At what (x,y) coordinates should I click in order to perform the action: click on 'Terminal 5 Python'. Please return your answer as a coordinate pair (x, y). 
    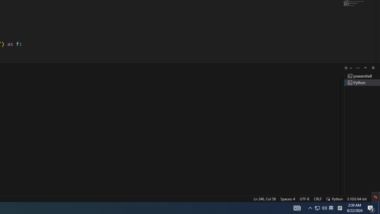
    Looking at the image, I should click on (362, 82).